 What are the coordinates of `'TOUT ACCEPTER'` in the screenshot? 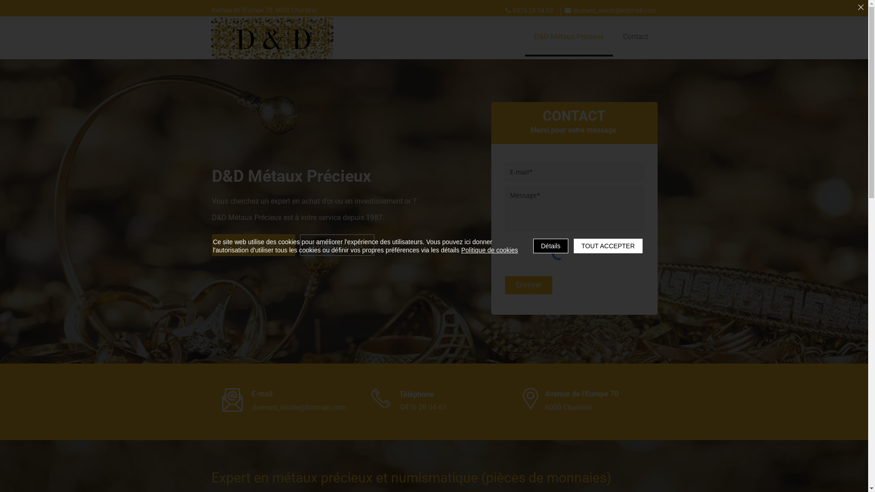 It's located at (608, 246).